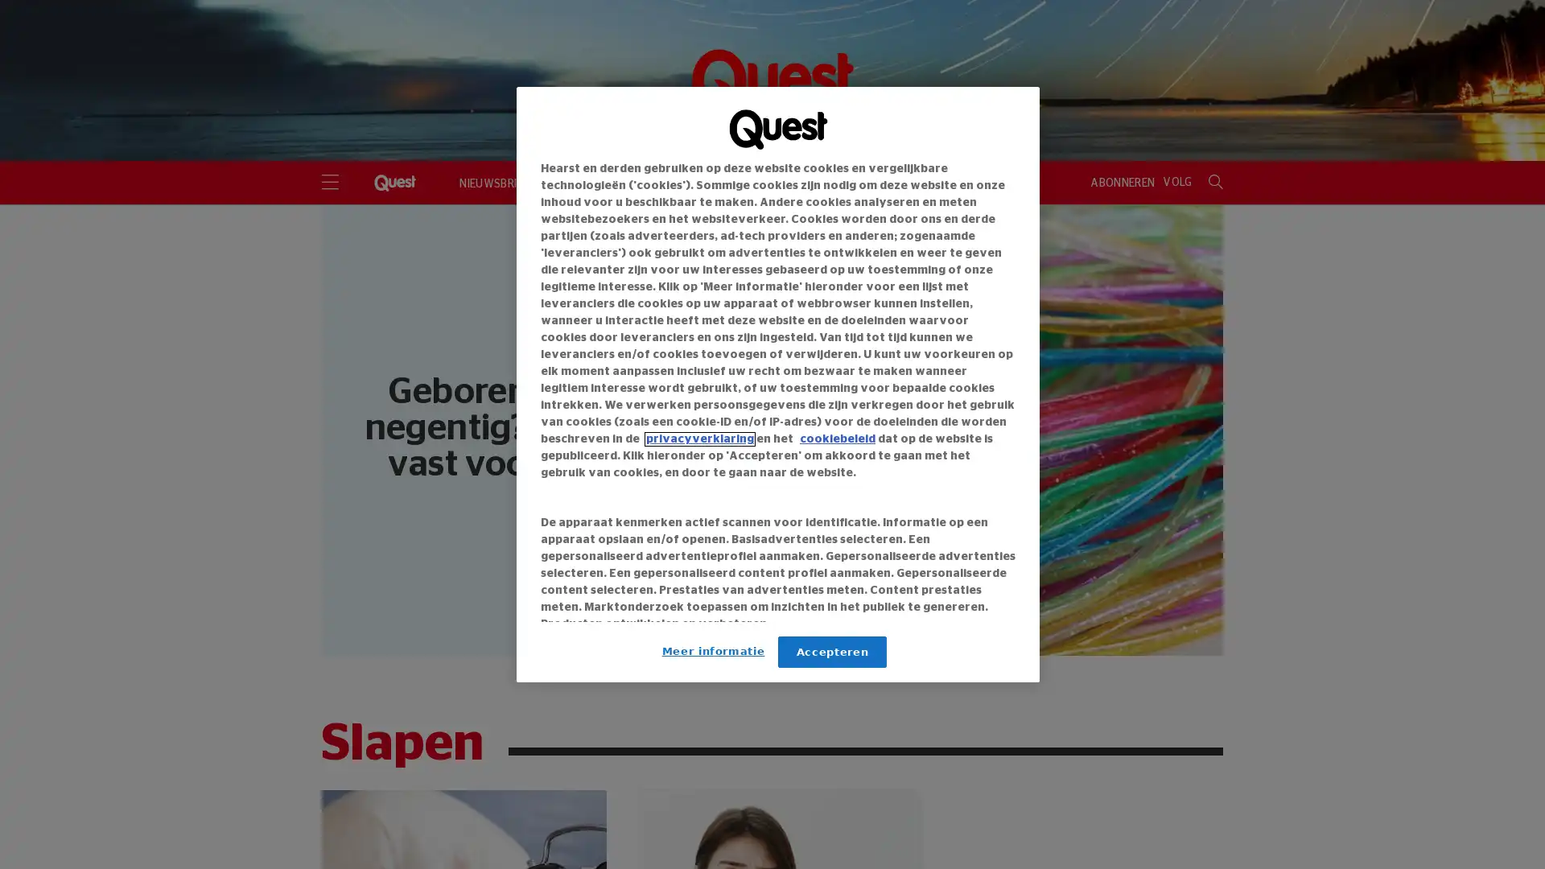 This screenshot has height=869, width=1545. What do you see at coordinates (712, 650) in the screenshot?
I see `Meer informatie` at bounding box center [712, 650].